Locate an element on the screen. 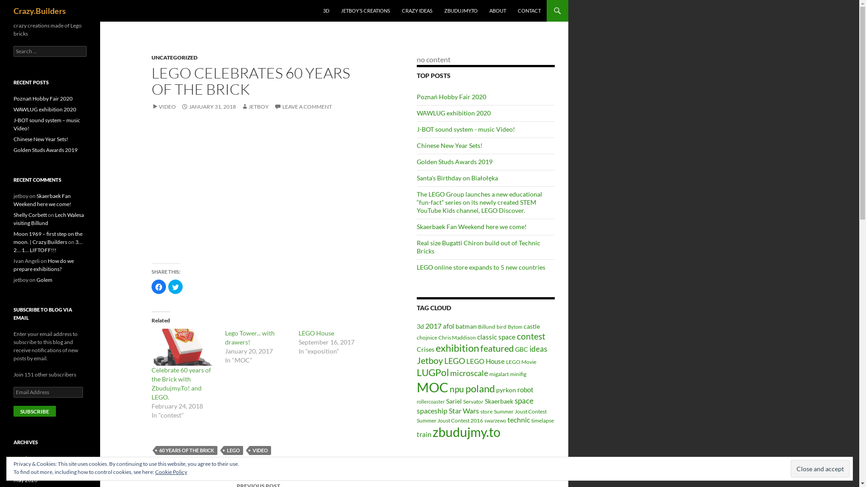 This screenshot has width=866, height=487. 'pyrkon' is located at coordinates (506, 389).